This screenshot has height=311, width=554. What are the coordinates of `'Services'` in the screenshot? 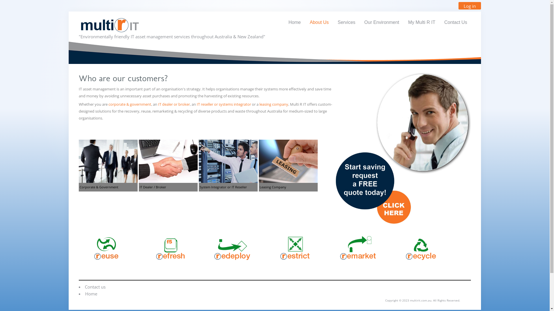 It's located at (346, 22).